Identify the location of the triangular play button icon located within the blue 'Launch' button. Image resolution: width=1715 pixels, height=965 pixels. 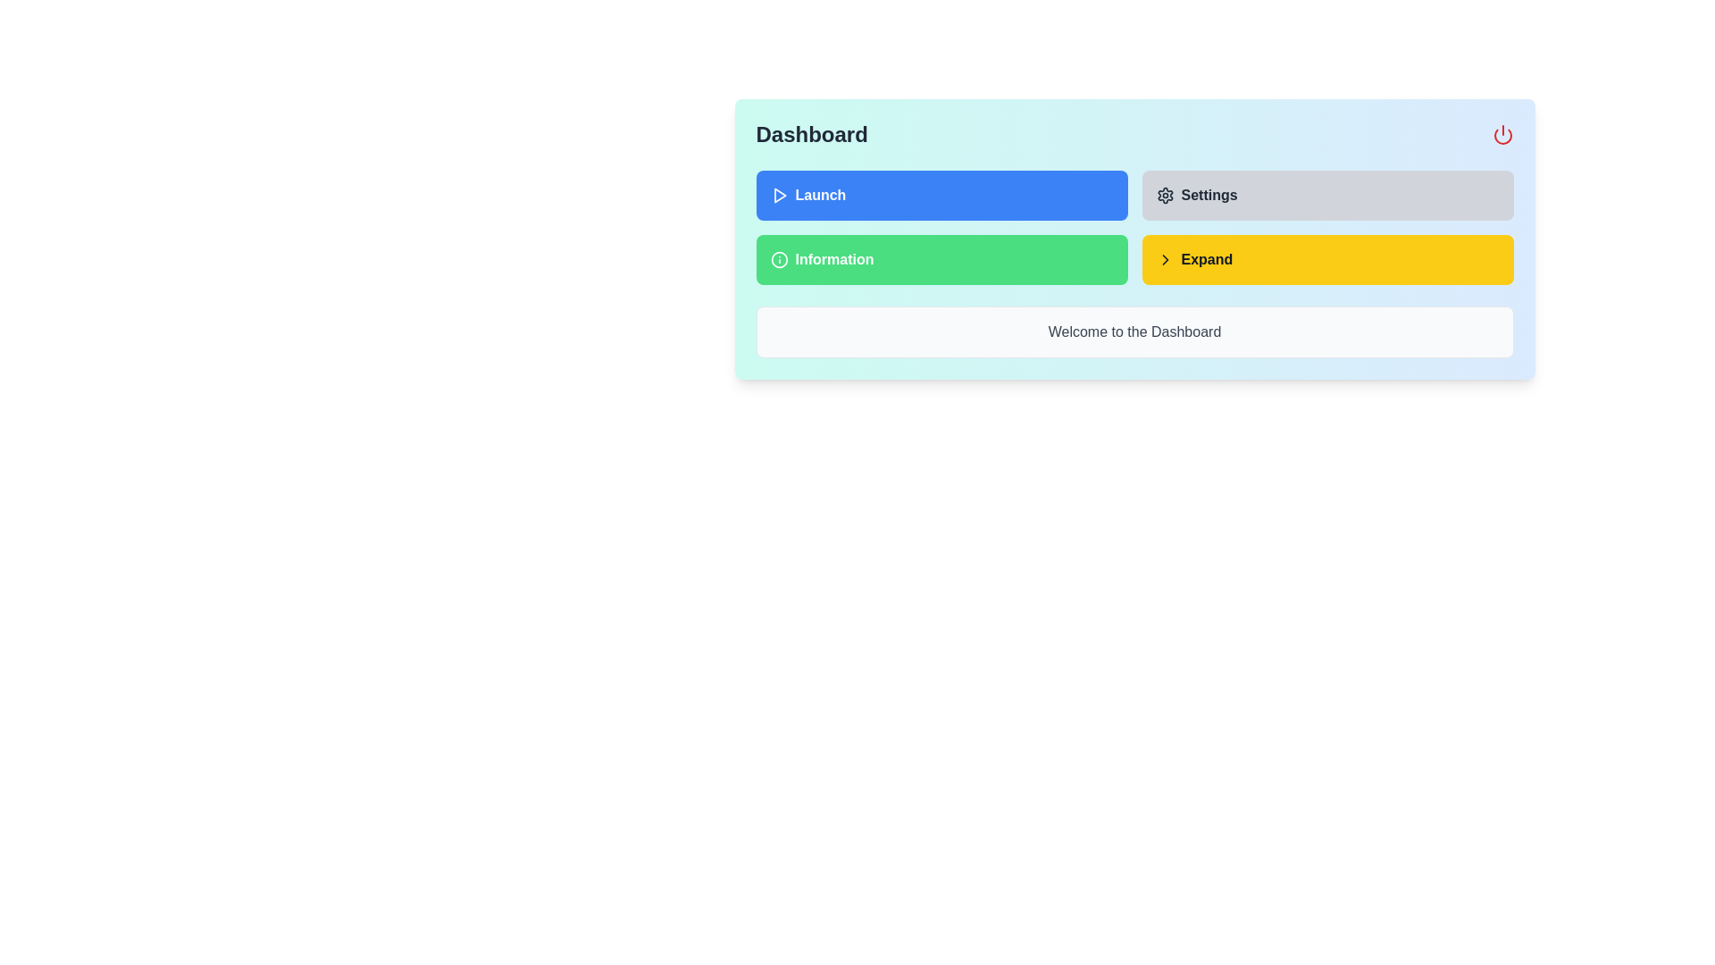
(780, 196).